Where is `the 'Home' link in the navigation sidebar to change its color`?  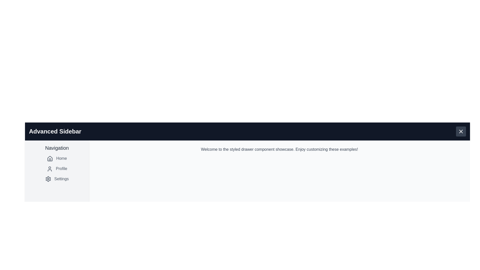
the 'Home' link in the navigation sidebar to change its color is located at coordinates (57, 158).